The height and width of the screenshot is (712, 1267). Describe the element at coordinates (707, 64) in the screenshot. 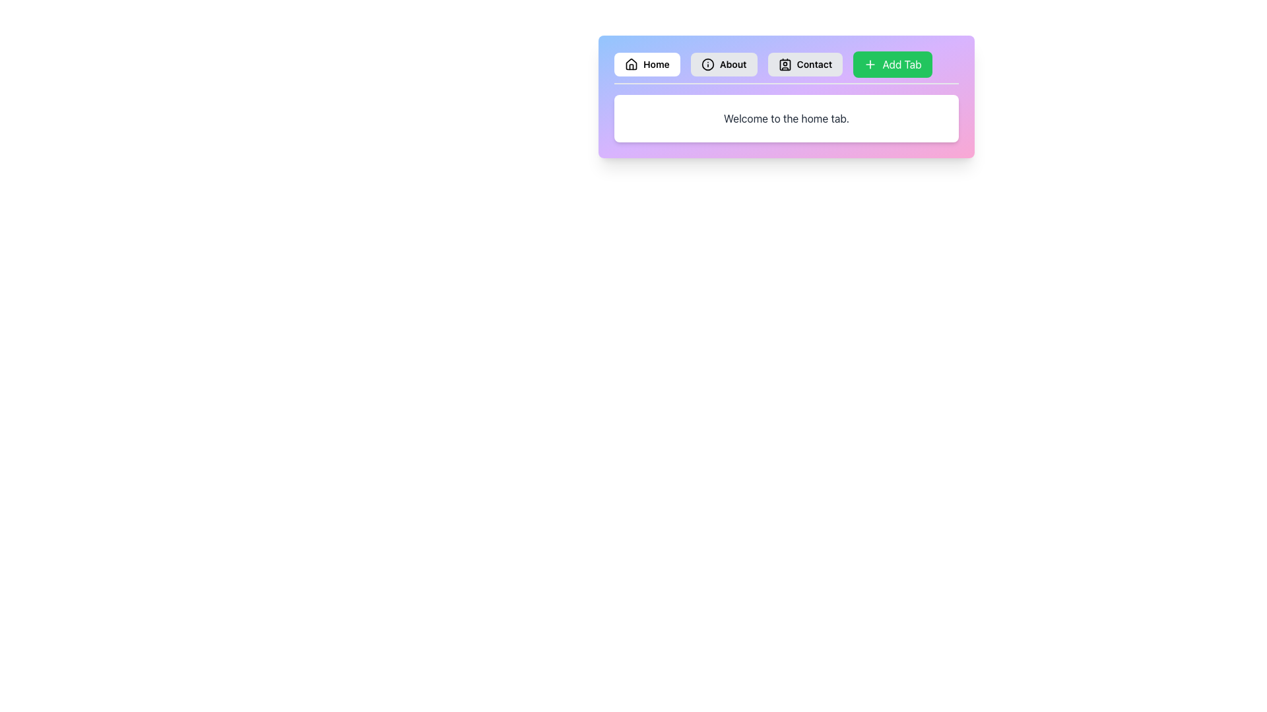

I see `the circular information icon located to the left of the text 'About' in the navigation menu` at that location.